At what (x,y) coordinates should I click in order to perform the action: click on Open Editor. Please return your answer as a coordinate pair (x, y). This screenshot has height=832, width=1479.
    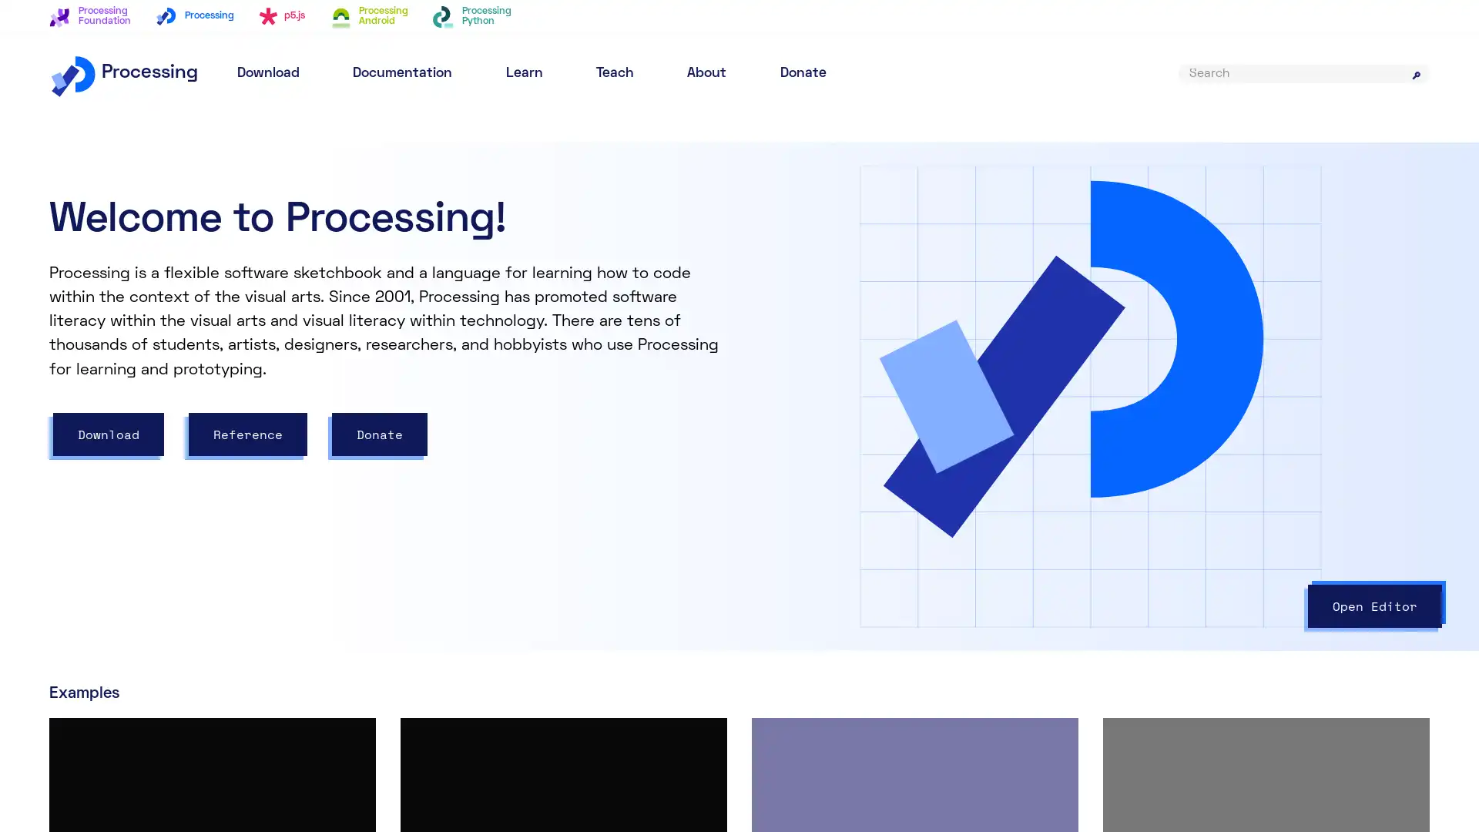
    Looking at the image, I should click on (1375, 605).